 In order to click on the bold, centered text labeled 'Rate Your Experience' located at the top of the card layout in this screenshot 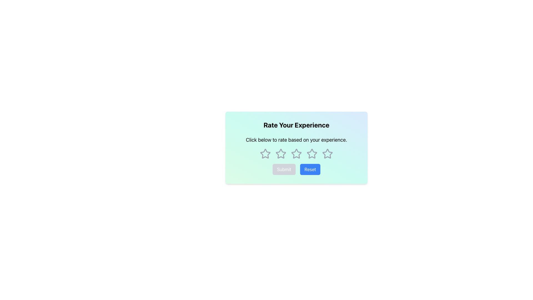, I will do `click(296, 125)`.